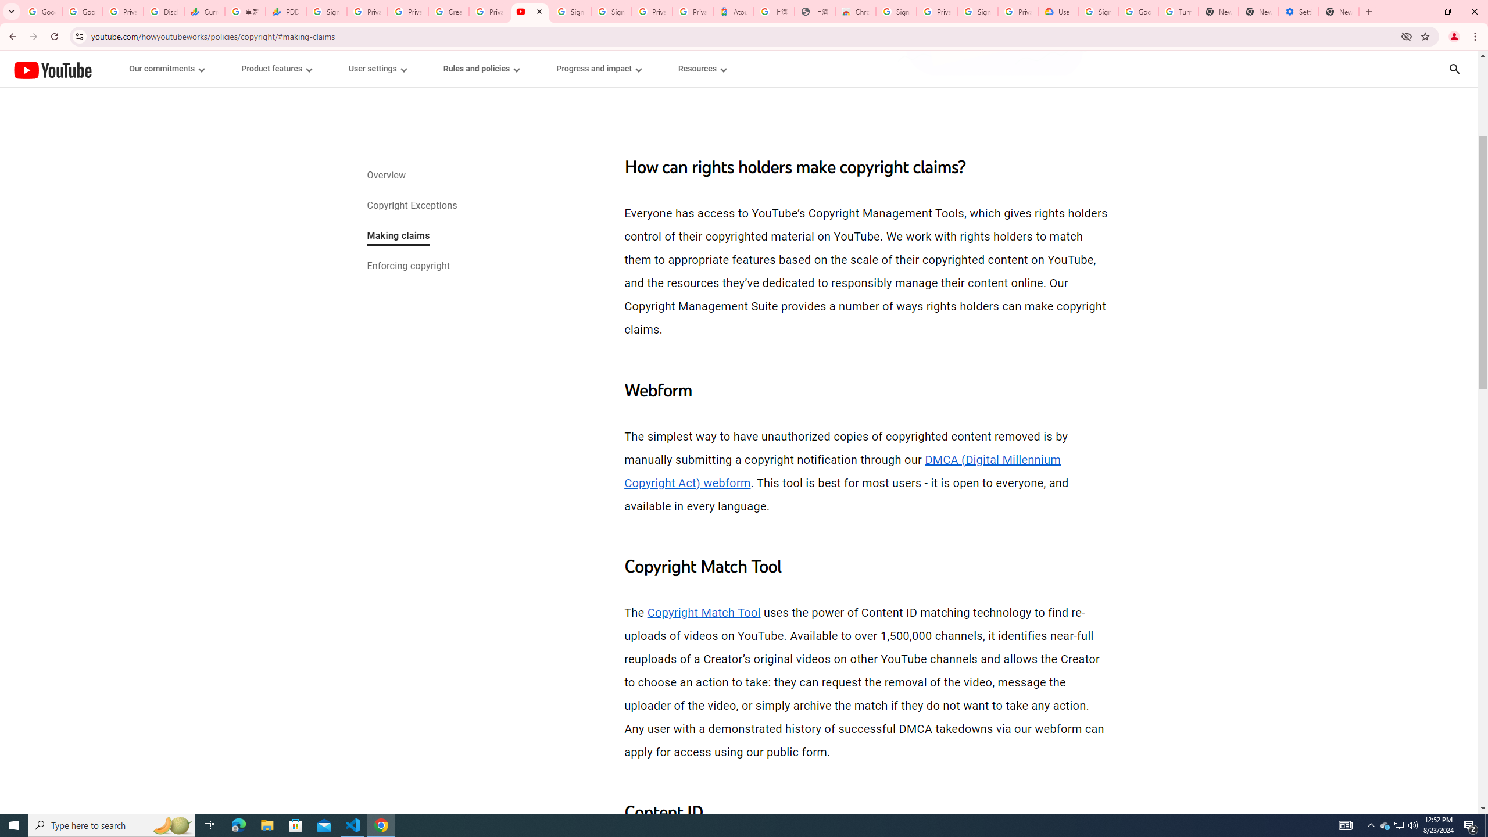 The height and width of the screenshot is (837, 1488). I want to click on 'YouTube Copyright Rules & Policies - How YouTube Works', so click(529, 11).